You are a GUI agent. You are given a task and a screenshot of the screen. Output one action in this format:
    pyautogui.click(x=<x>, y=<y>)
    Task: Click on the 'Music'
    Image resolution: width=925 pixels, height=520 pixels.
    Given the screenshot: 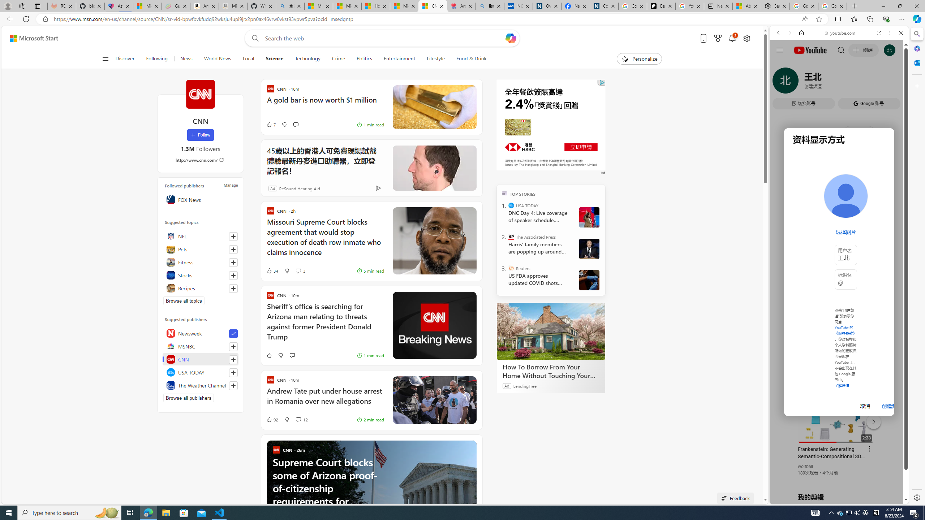 What is the action you would take?
    pyautogui.click(x=838, y=196)
    